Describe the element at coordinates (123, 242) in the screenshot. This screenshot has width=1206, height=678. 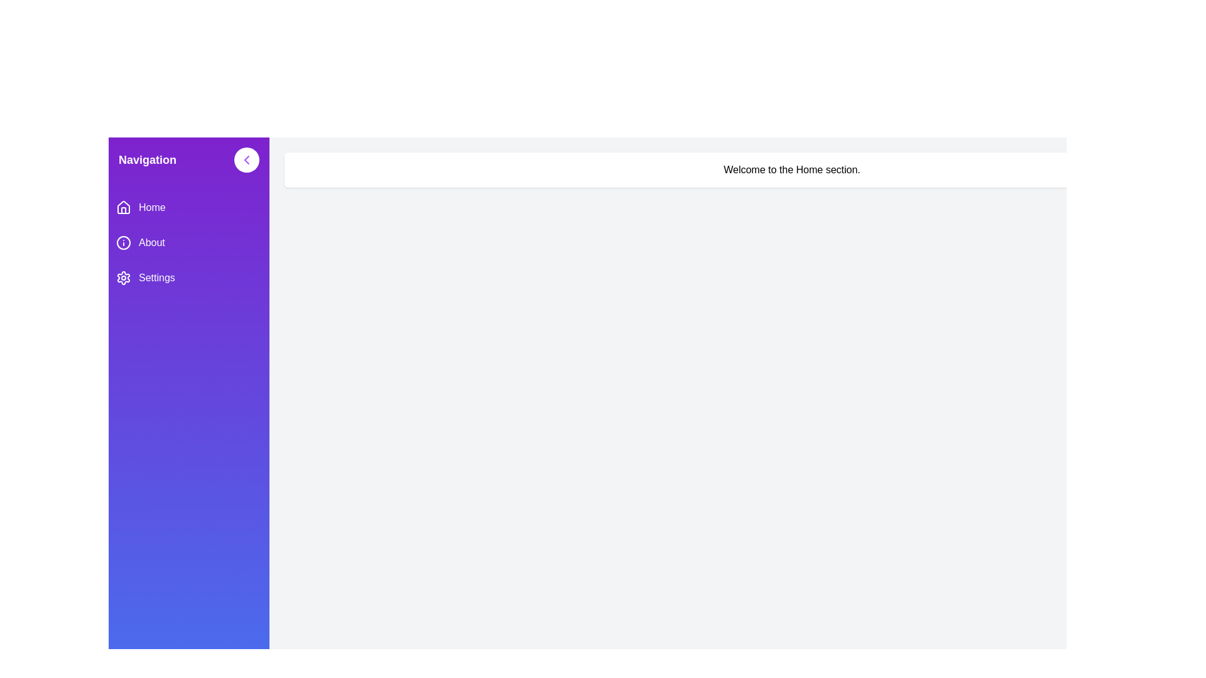
I see `the SVG Circle that serves as the decorative background for the 'About' navigation item in the left sidebar, positioned between the 'Home' icon above and the 'Settings' icon below` at that location.